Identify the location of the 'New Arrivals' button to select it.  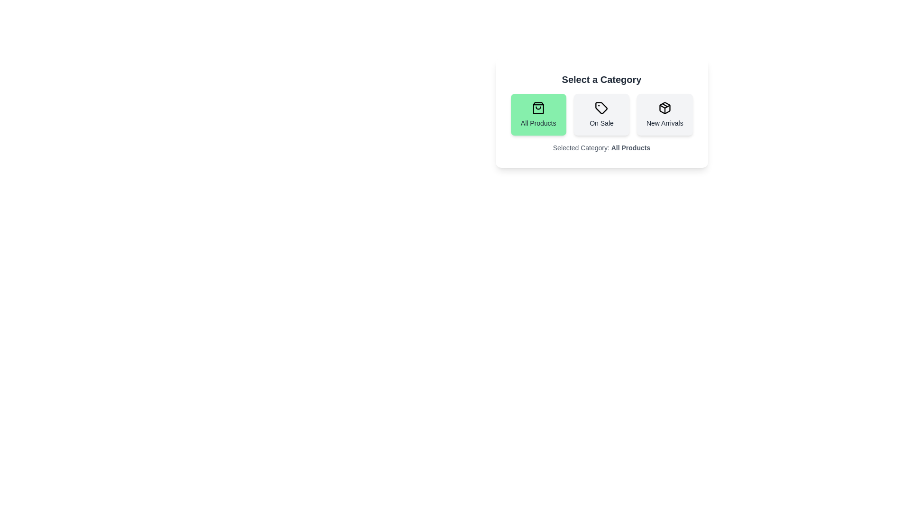
(664, 114).